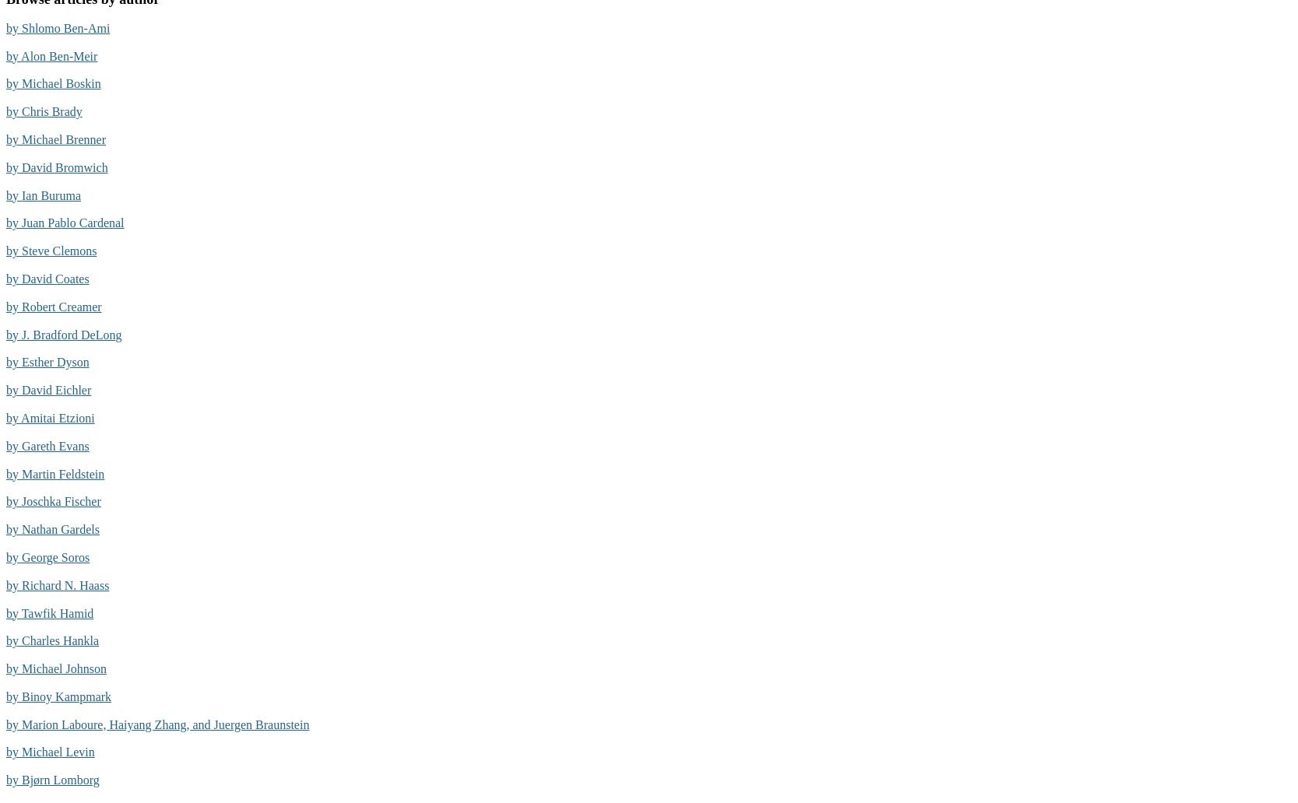 The image size is (1298, 803). I want to click on 'by Marion Laboure, Haiyang Zhang, and Juergen Braunstein', so click(157, 723).